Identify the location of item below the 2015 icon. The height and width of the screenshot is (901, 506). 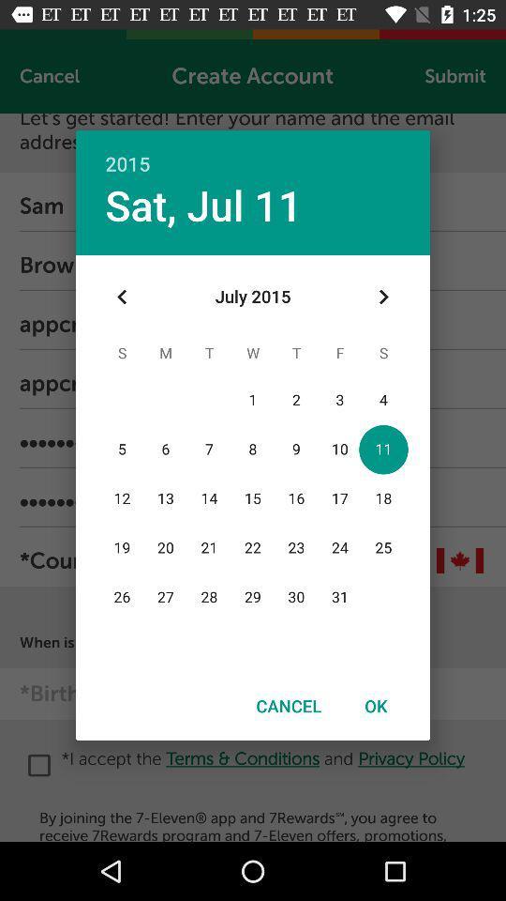
(382, 297).